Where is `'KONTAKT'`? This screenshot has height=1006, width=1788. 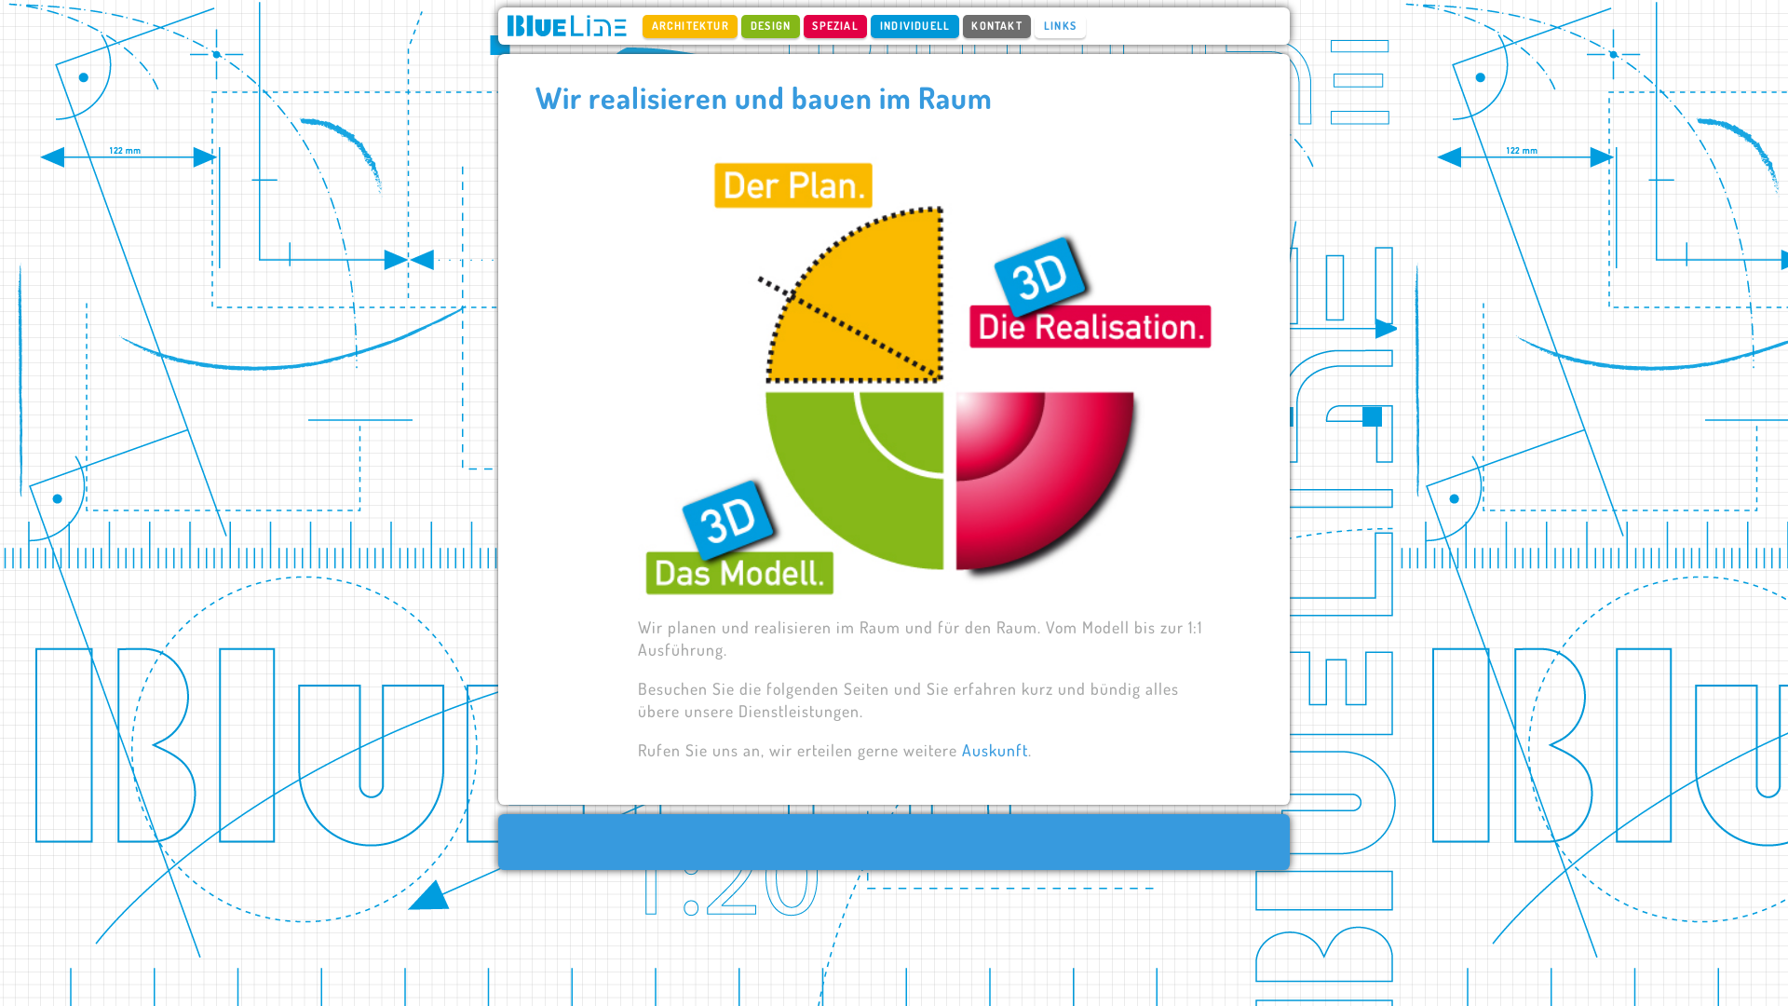 'KONTAKT' is located at coordinates (962, 26).